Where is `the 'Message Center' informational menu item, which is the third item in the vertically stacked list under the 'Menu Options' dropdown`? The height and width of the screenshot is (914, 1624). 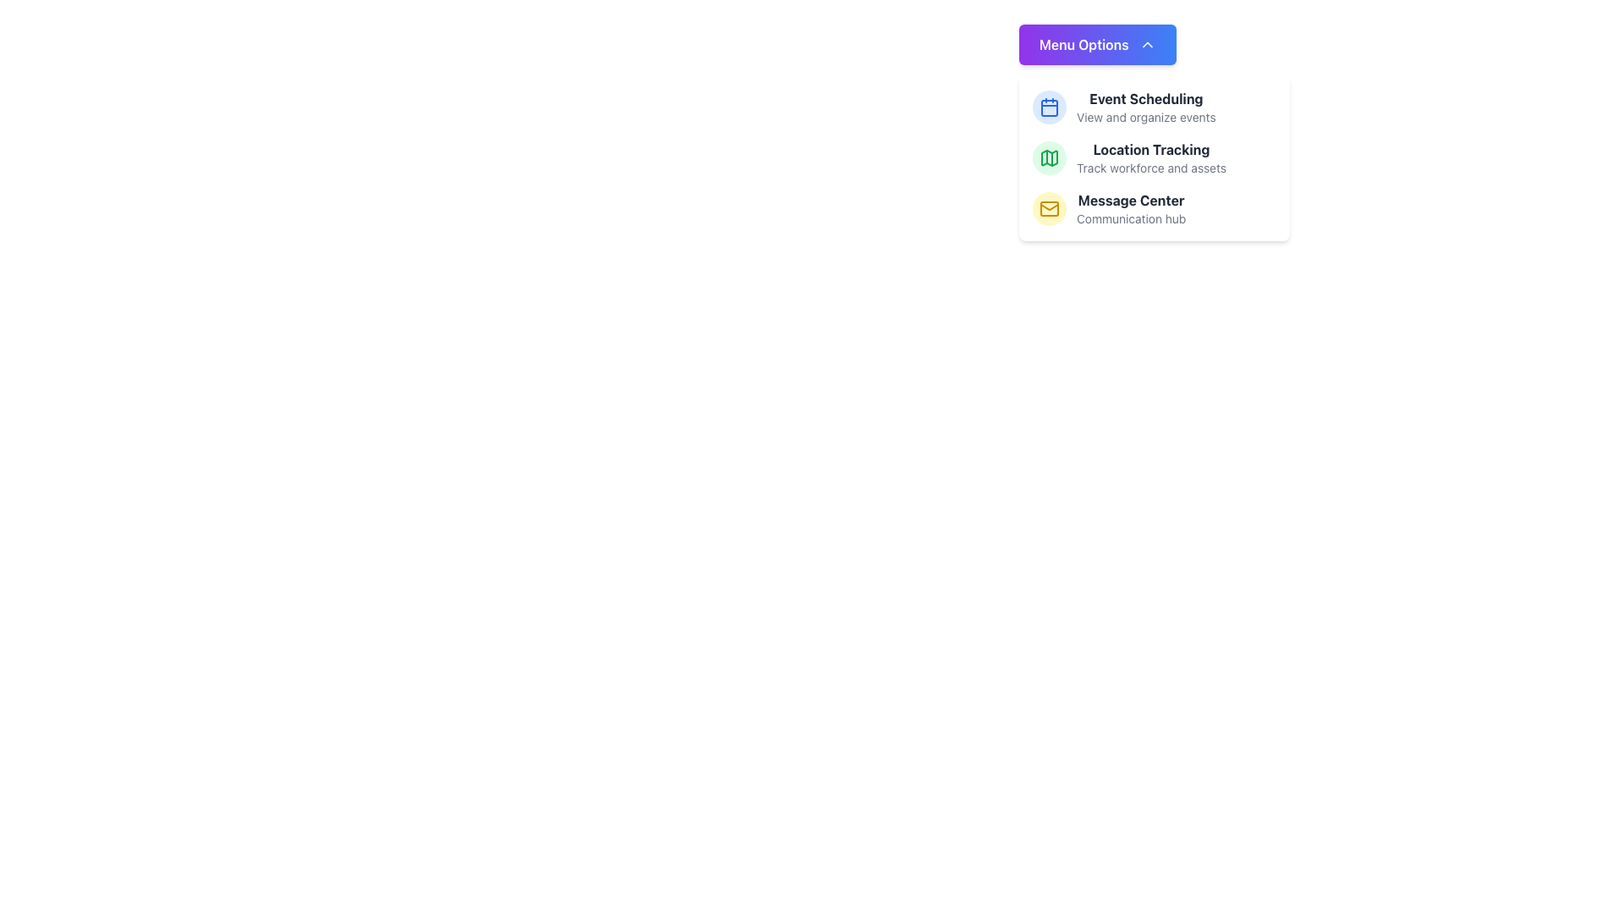
the 'Message Center' informational menu item, which is the third item in the vertically stacked list under the 'Menu Options' dropdown is located at coordinates (1153, 207).